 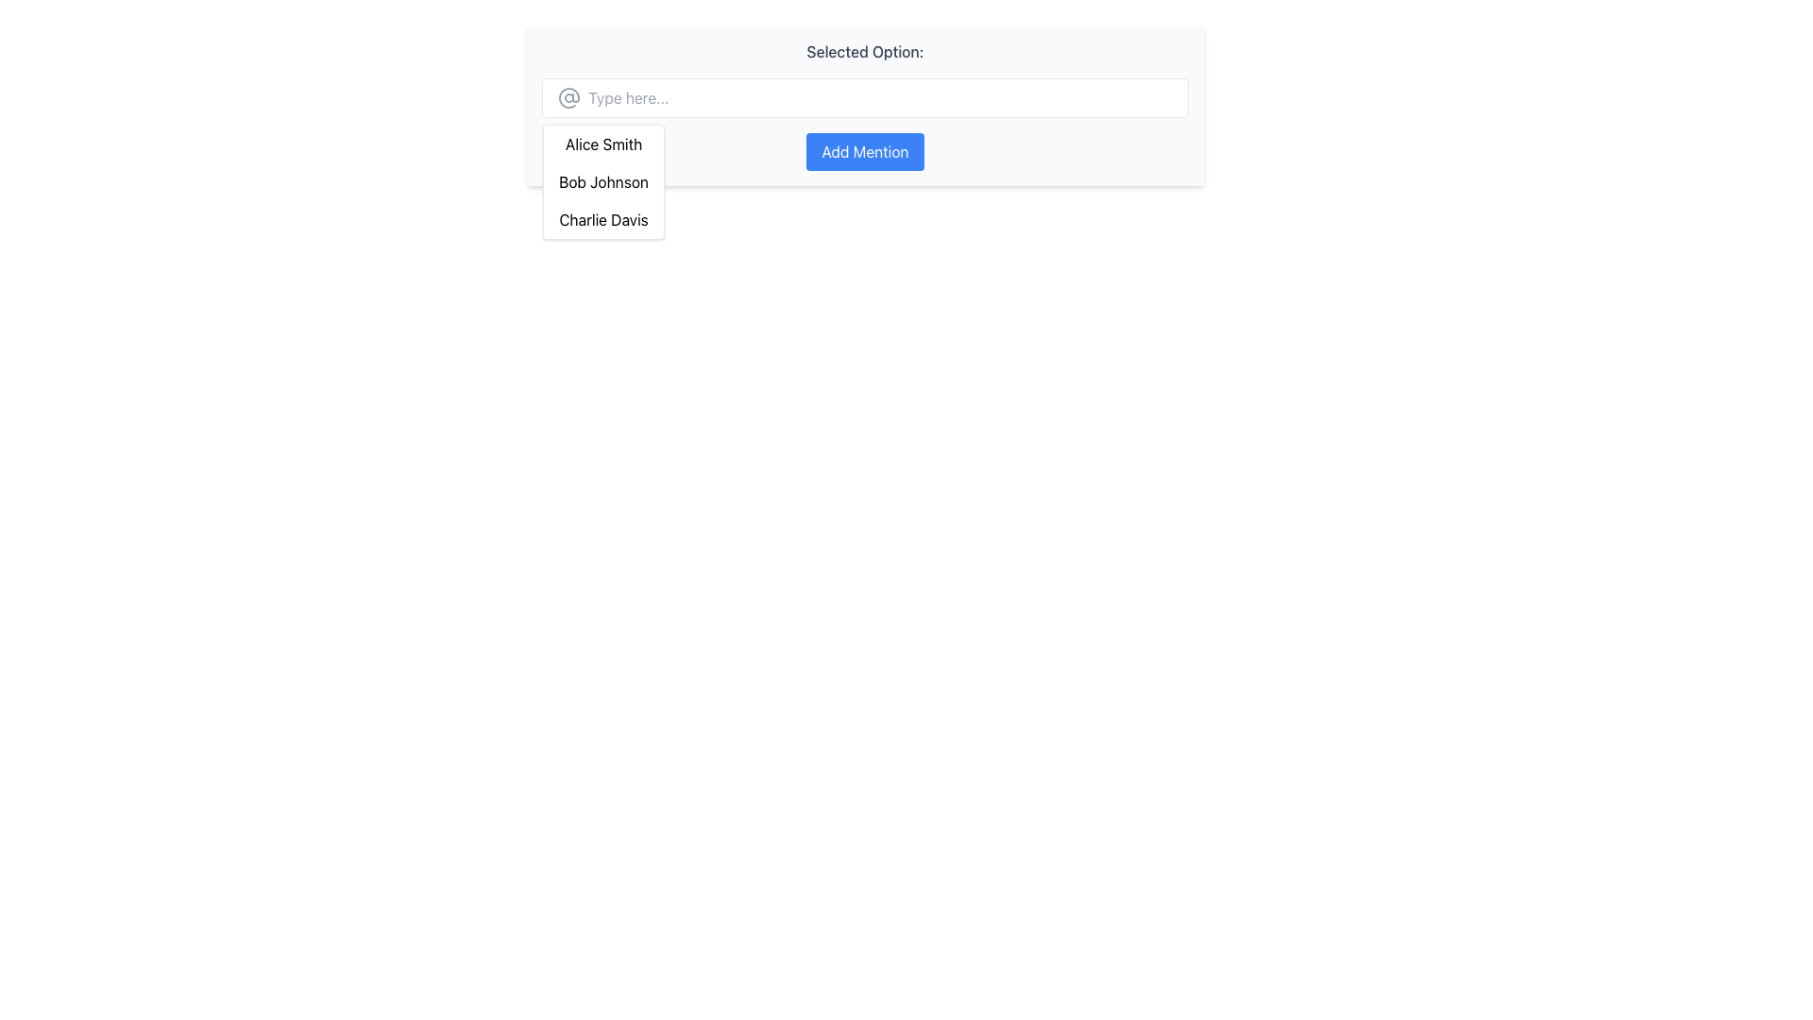 I want to click on the list item displaying 'Bob Johnson' in the dropdown menu, so click(x=602, y=181).